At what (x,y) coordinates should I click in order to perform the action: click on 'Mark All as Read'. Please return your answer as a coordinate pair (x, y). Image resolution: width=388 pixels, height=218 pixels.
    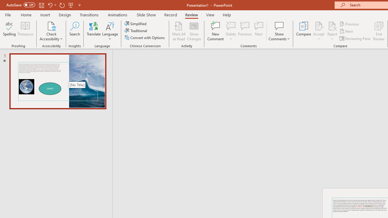
    Looking at the image, I should click on (179, 31).